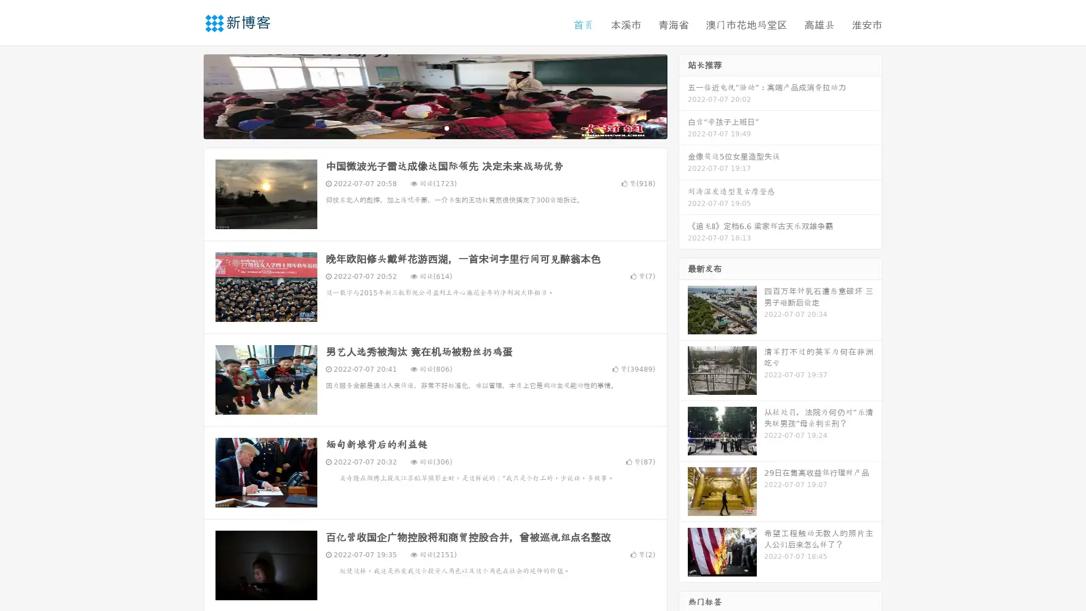  I want to click on Previous slide, so click(187, 95).